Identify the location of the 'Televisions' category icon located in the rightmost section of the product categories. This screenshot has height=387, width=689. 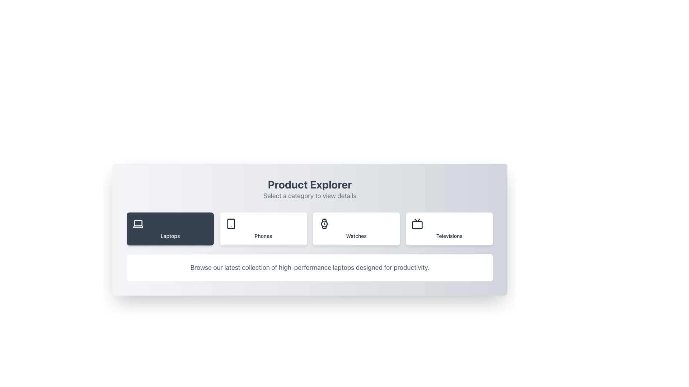
(417, 223).